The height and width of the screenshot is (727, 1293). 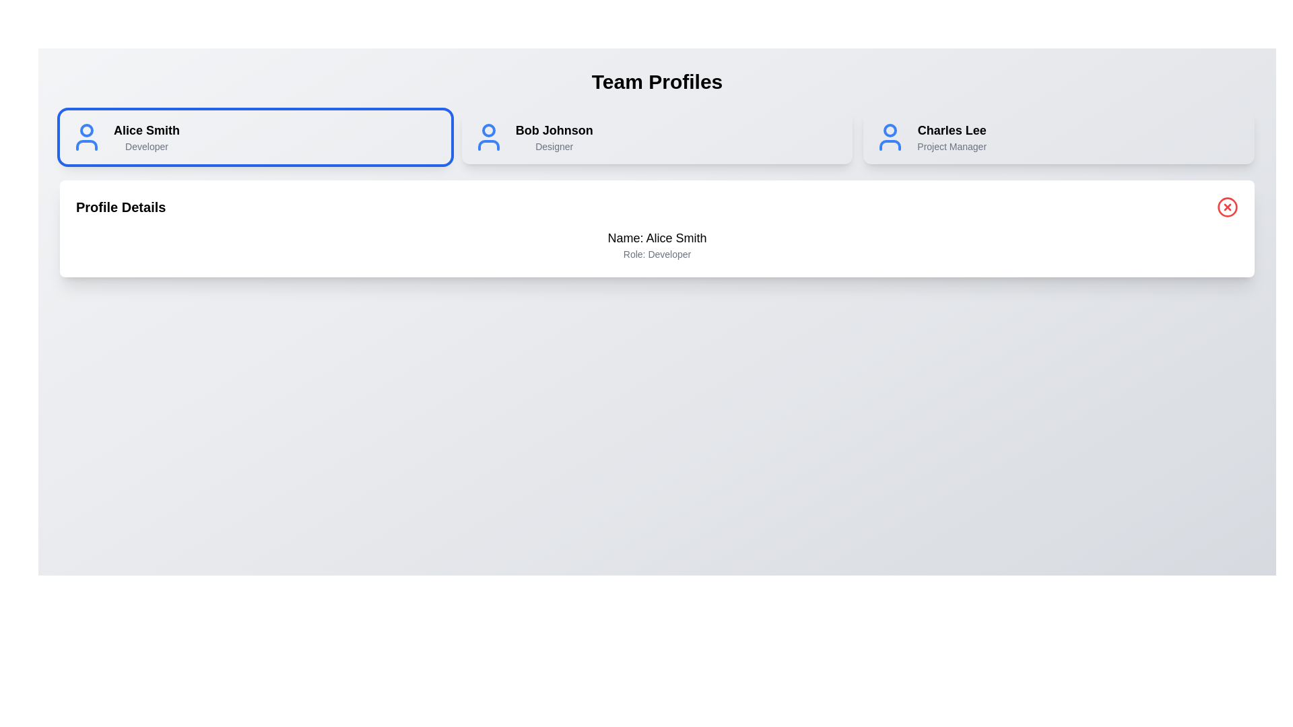 I want to click on the text identifying the name of an individual in the user profile panel, located in the upper-right section of the team profiles layout, to possibly reveal additional information, so click(x=951, y=130).